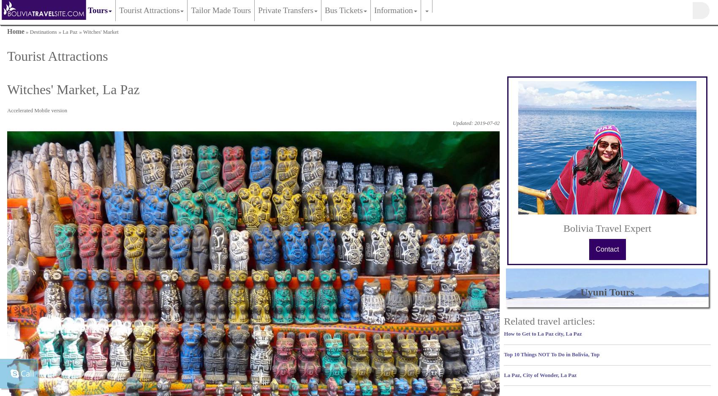  I want to click on 'Tourist Attractions', so click(57, 56).